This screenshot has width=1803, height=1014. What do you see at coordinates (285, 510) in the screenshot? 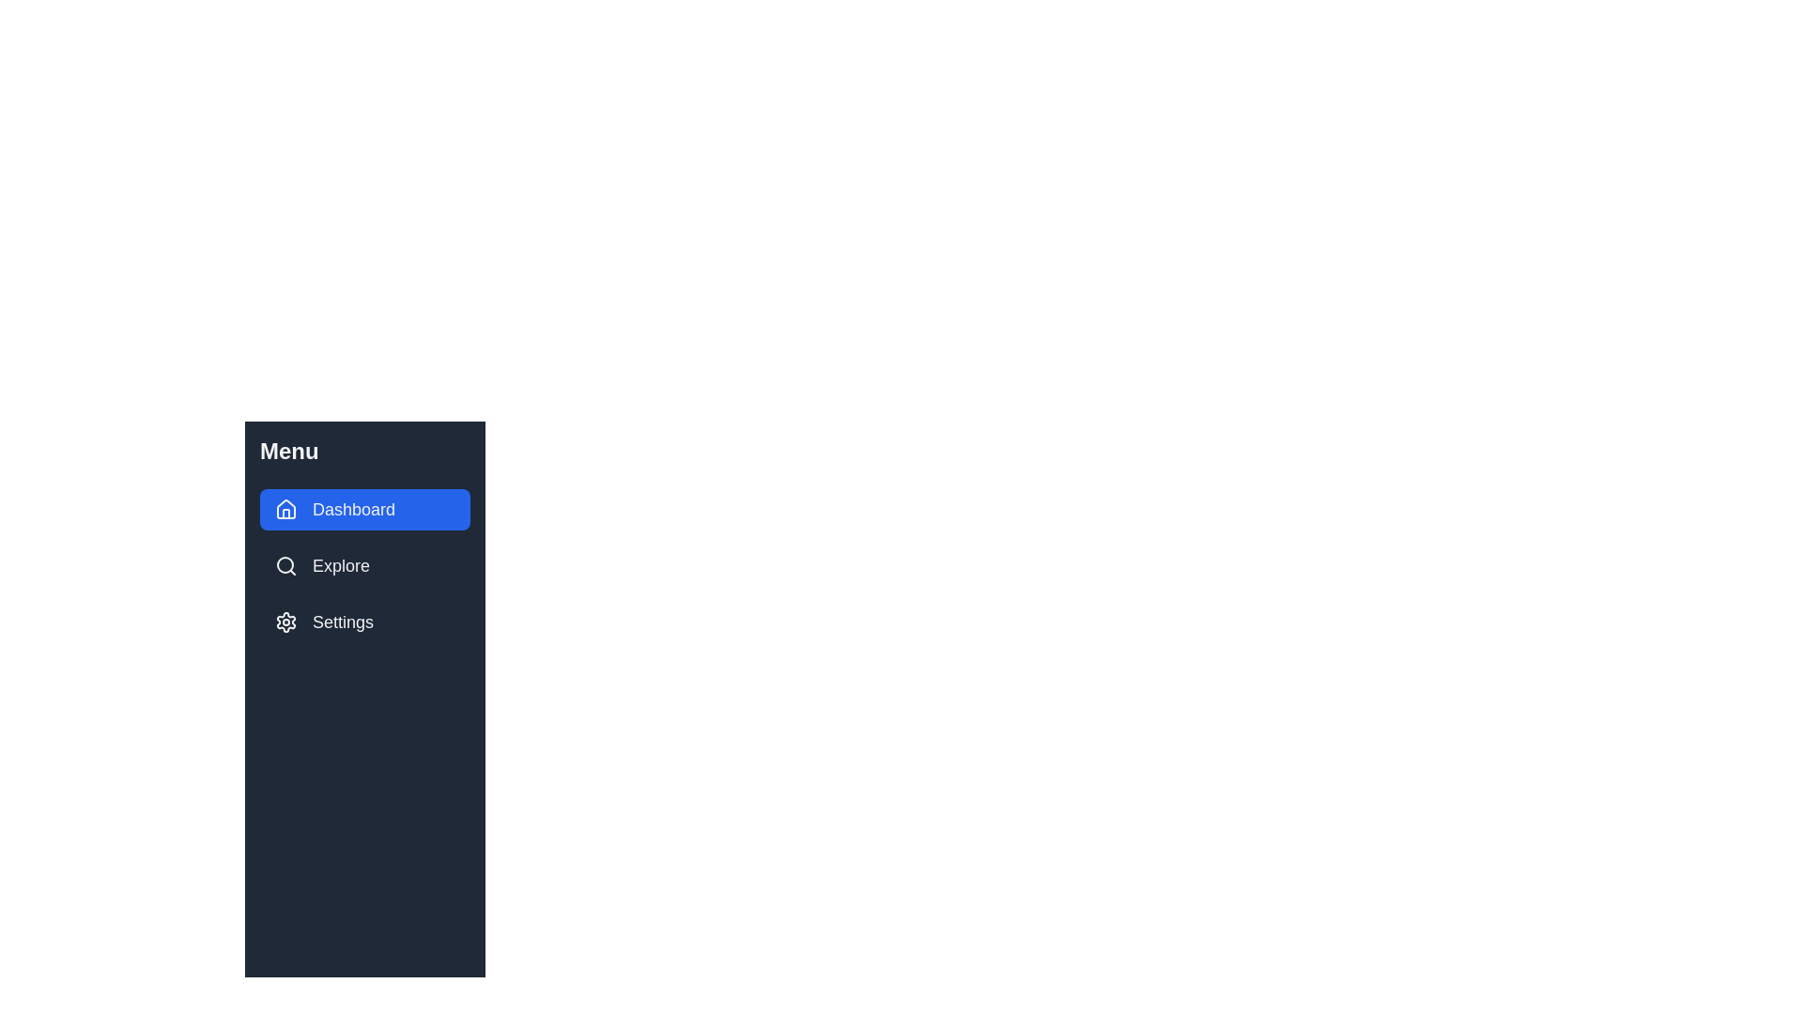
I see `the 'Dashboard' icon in the left-hand side panel` at bounding box center [285, 510].